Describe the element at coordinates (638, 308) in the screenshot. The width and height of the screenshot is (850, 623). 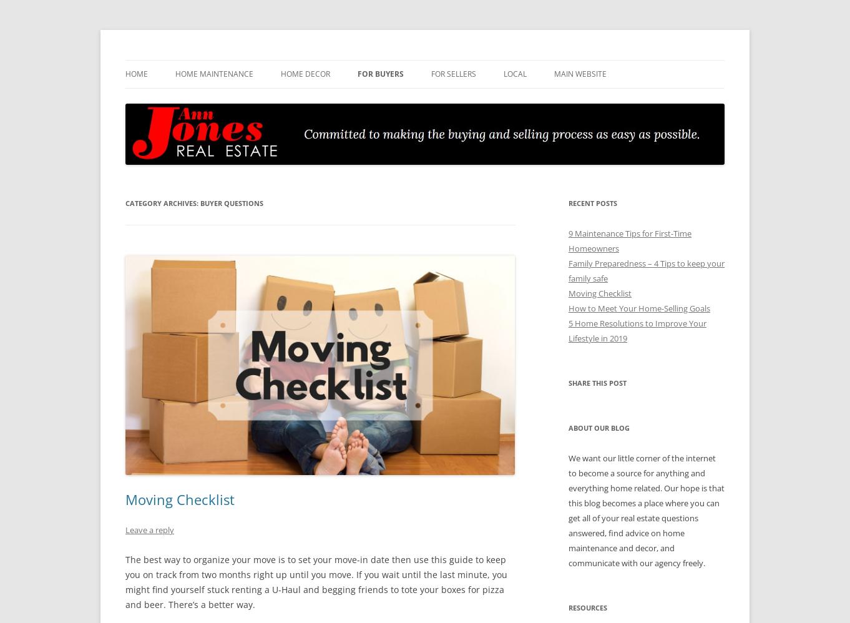
I see `'How to Meet Your Home-Selling Goals'` at that location.